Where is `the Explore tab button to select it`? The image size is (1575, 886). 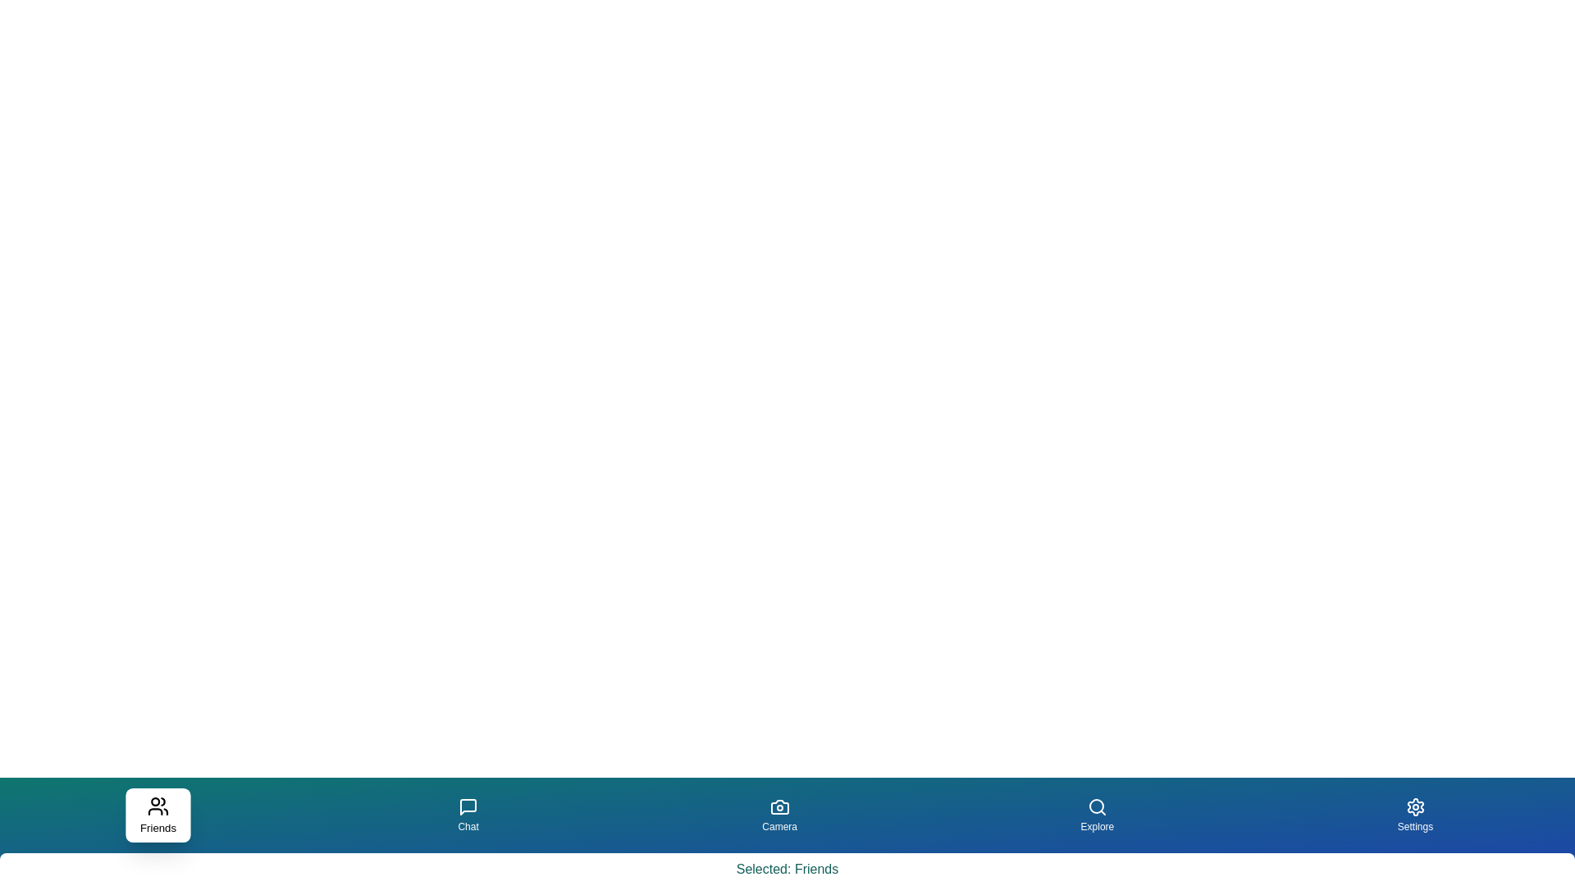 the Explore tab button to select it is located at coordinates (1097, 815).